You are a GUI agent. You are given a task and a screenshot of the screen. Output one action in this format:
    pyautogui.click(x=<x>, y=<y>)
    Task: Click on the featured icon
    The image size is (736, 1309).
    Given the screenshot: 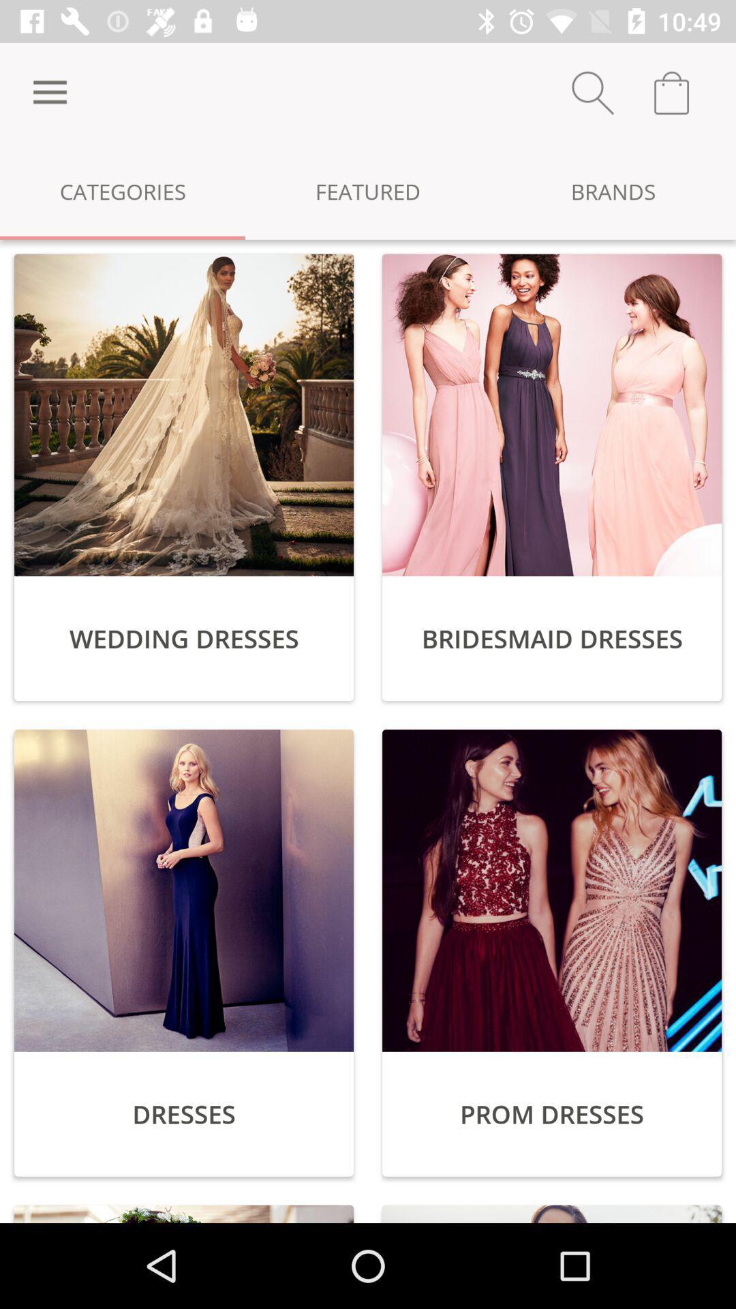 What is the action you would take?
    pyautogui.click(x=368, y=190)
    